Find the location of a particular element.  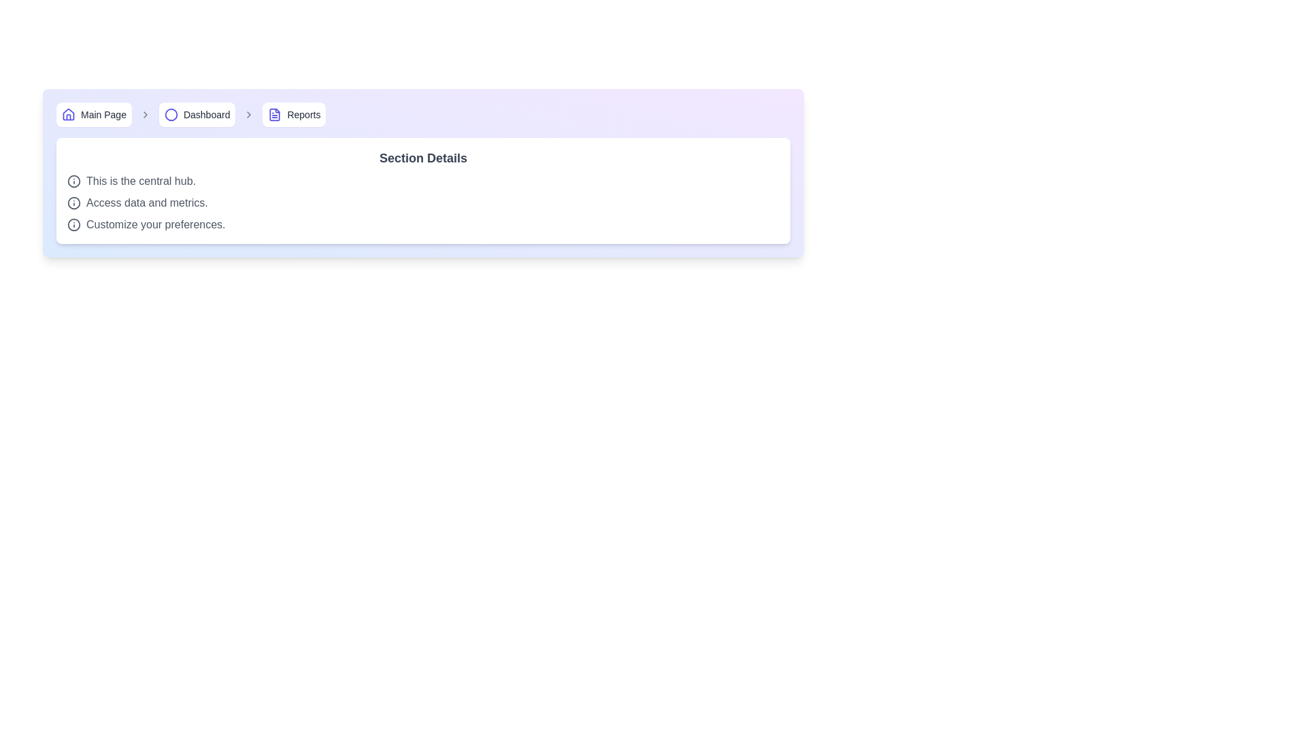

the 'Dashboard' button is located at coordinates (197, 114).